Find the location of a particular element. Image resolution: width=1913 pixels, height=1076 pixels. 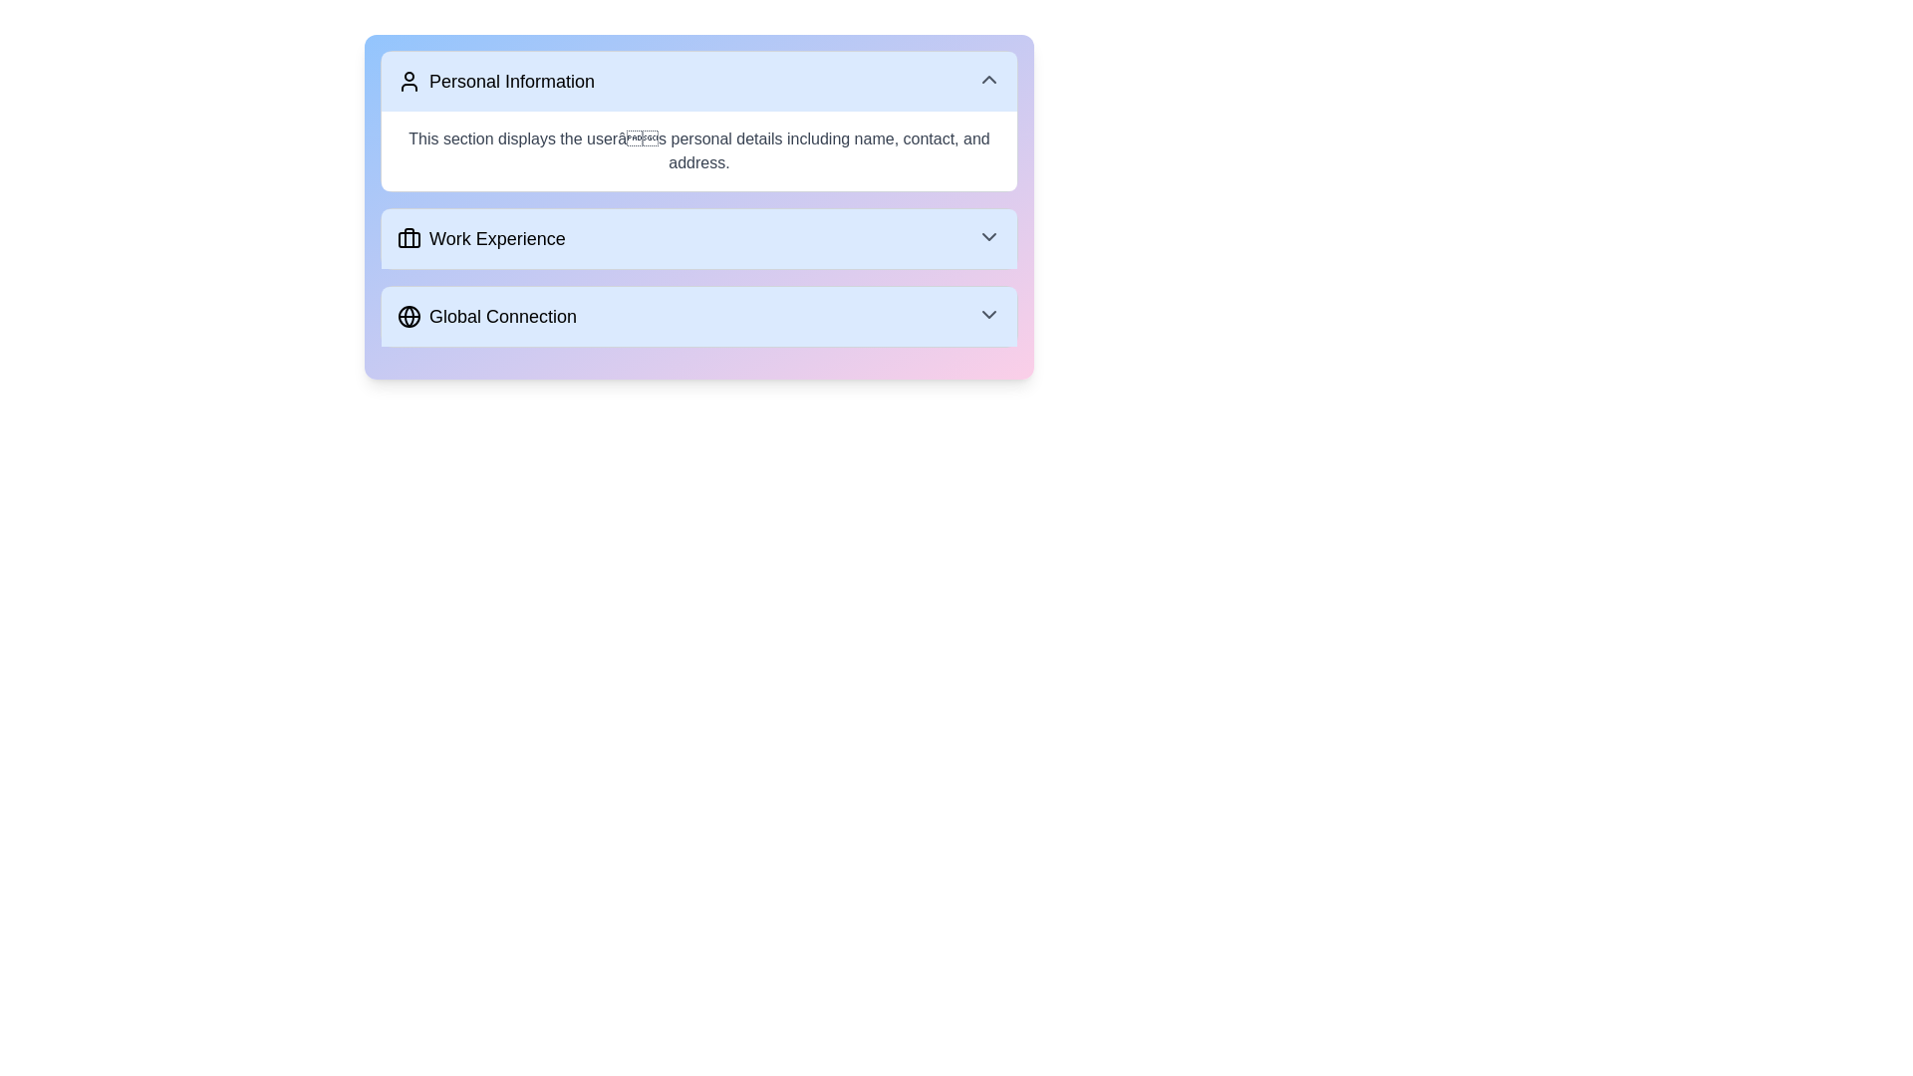

the chevron-down icon located at the far right of the 'Global Connection' panel is located at coordinates (989, 314).